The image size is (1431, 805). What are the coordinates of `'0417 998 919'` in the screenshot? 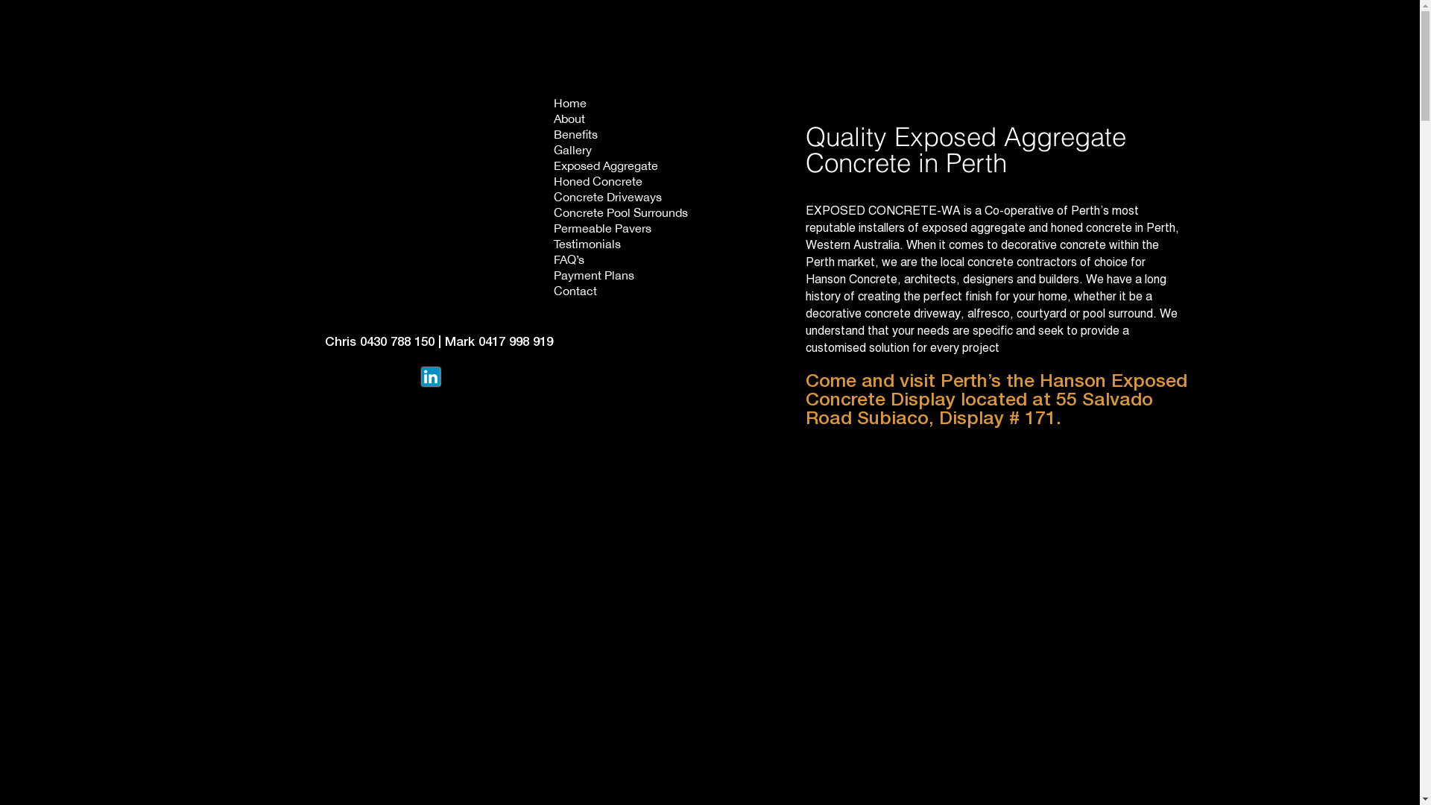 It's located at (515, 342).